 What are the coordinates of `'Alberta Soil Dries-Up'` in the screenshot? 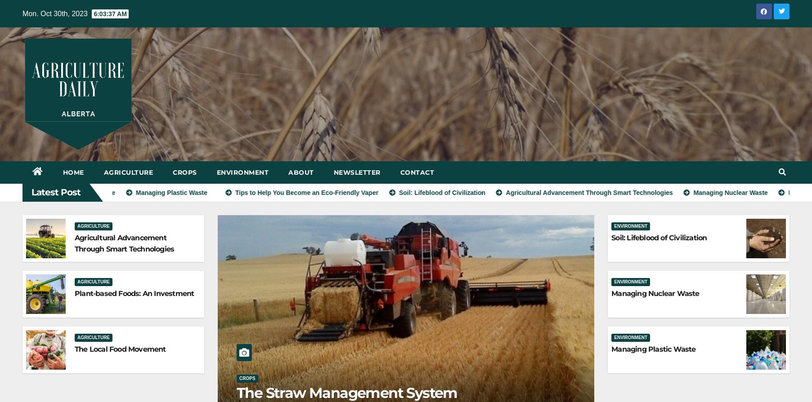 It's located at (307, 392).